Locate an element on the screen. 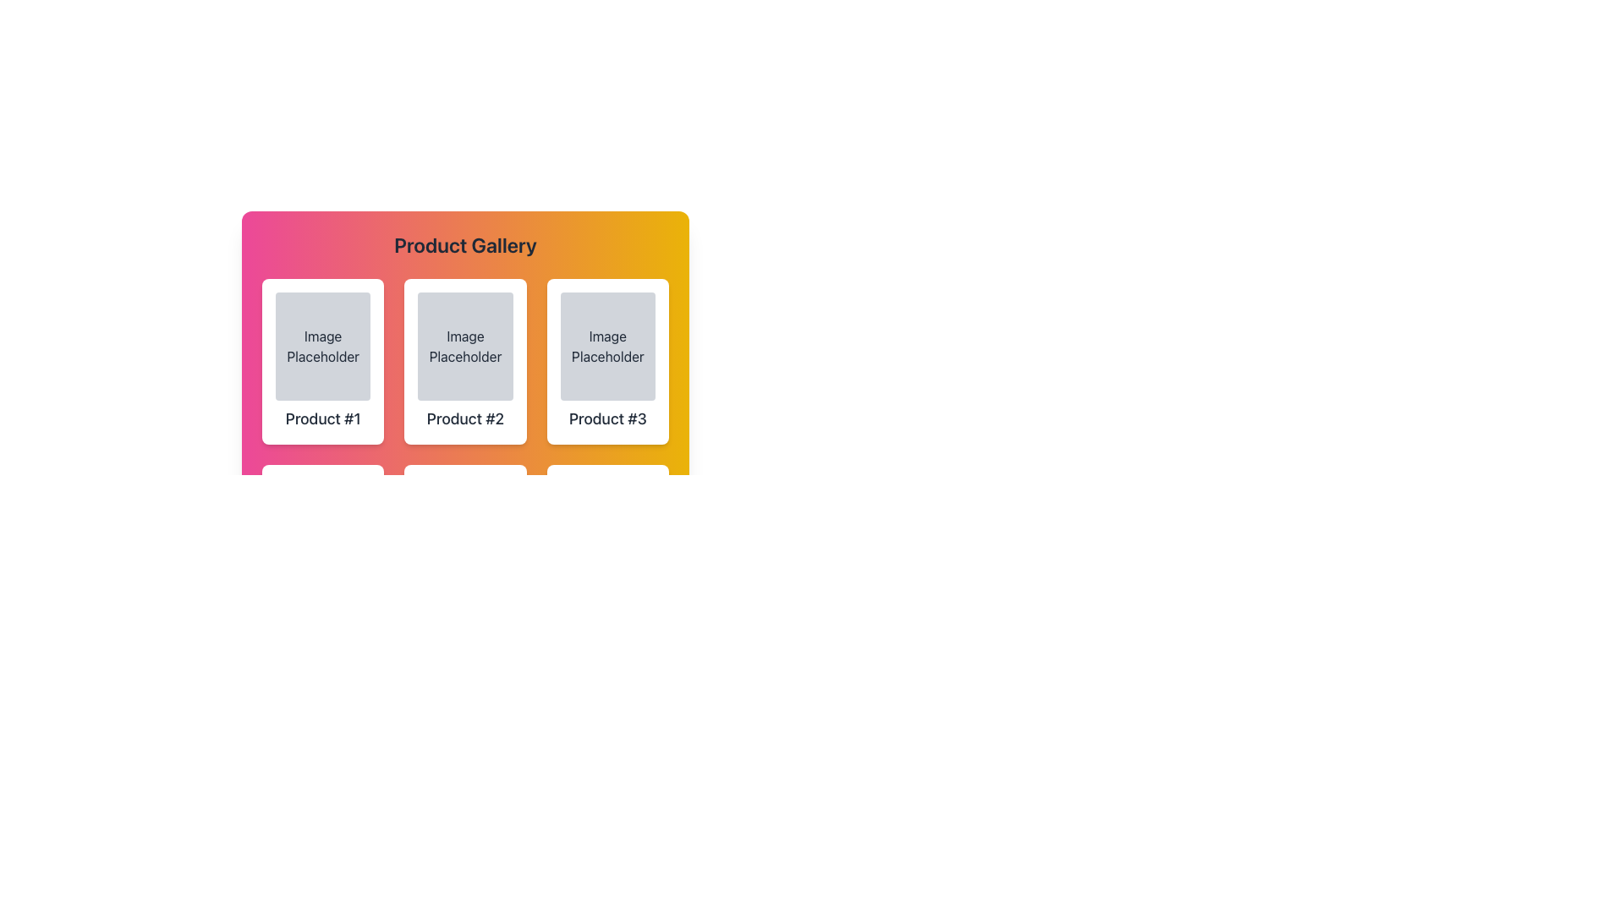  the non-interactive text label that serves as the product name, located in the first card on the left, directly below the 'Image Placeholder' text is located at coordinates (323, 418).